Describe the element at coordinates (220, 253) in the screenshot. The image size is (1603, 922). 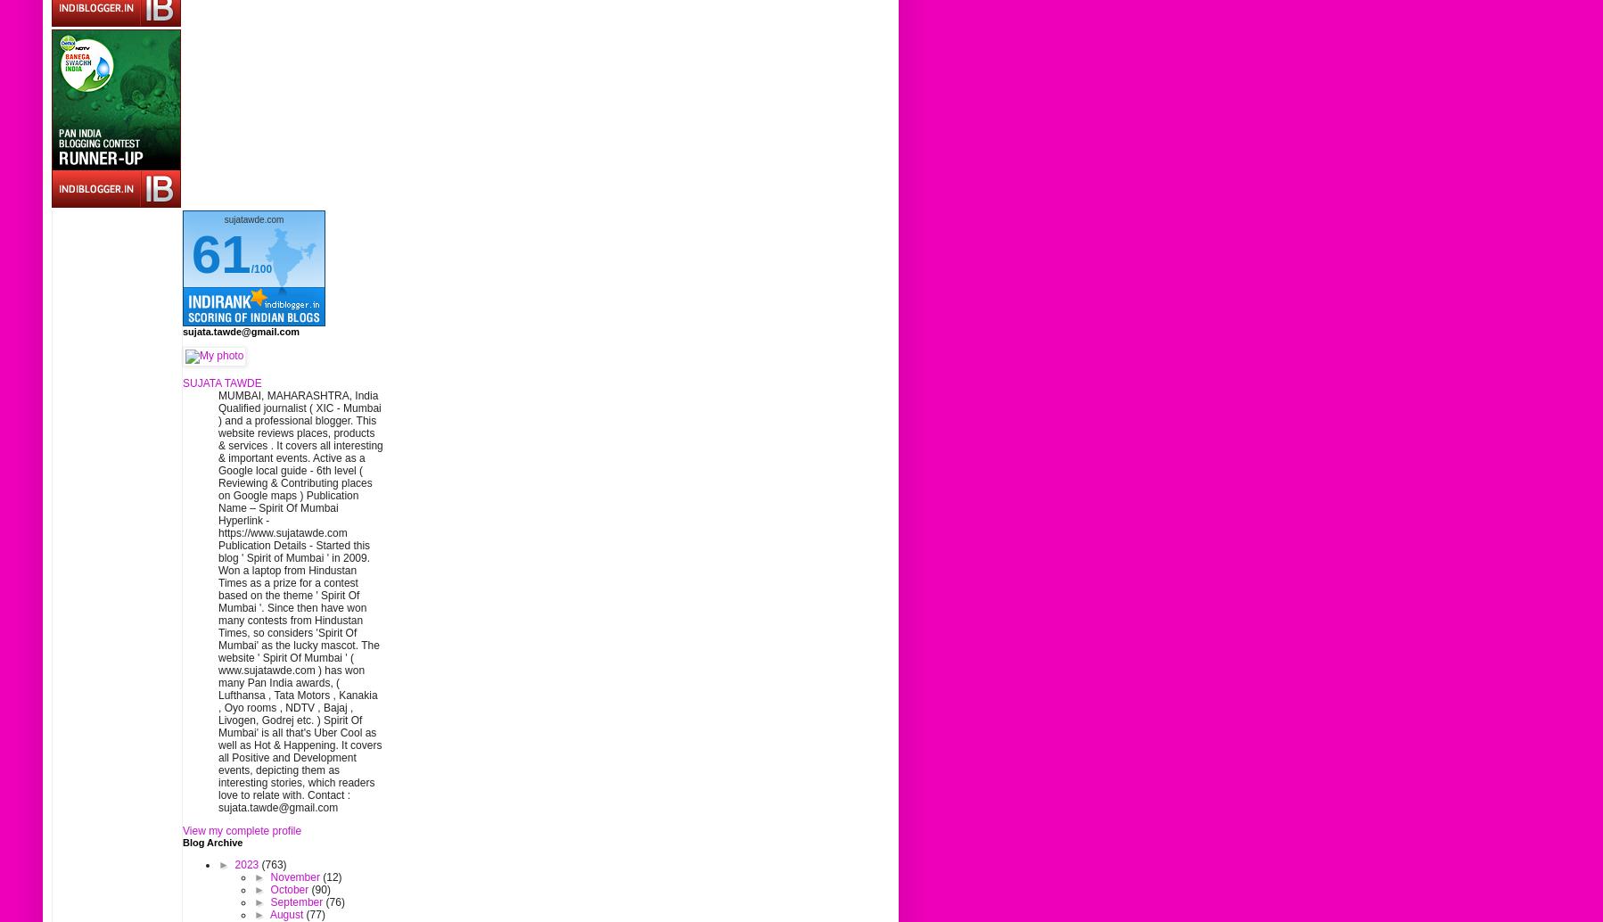
I see `'61'` at that location.